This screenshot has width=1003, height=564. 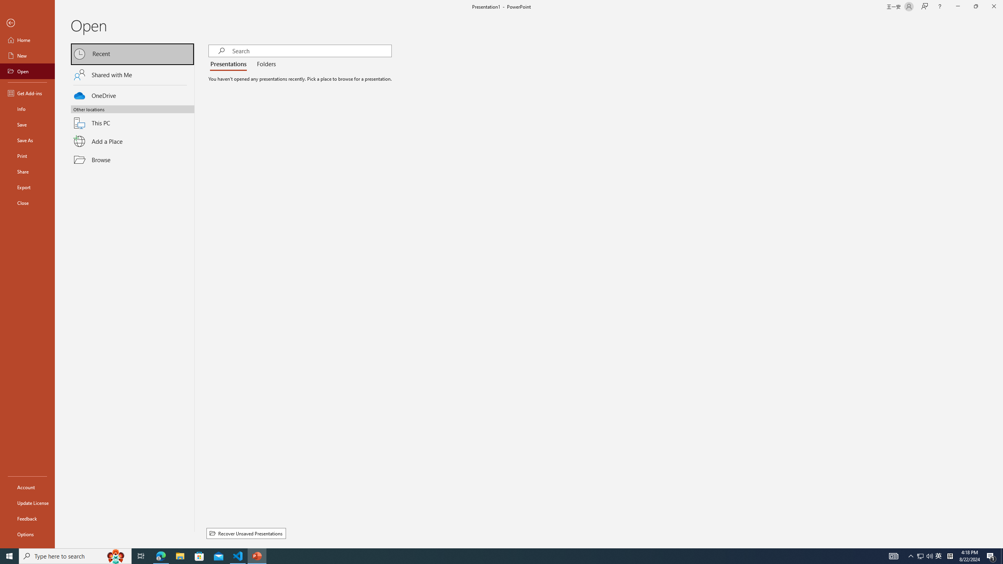 I want to click on 'Browse', so click(x=132, y=159).